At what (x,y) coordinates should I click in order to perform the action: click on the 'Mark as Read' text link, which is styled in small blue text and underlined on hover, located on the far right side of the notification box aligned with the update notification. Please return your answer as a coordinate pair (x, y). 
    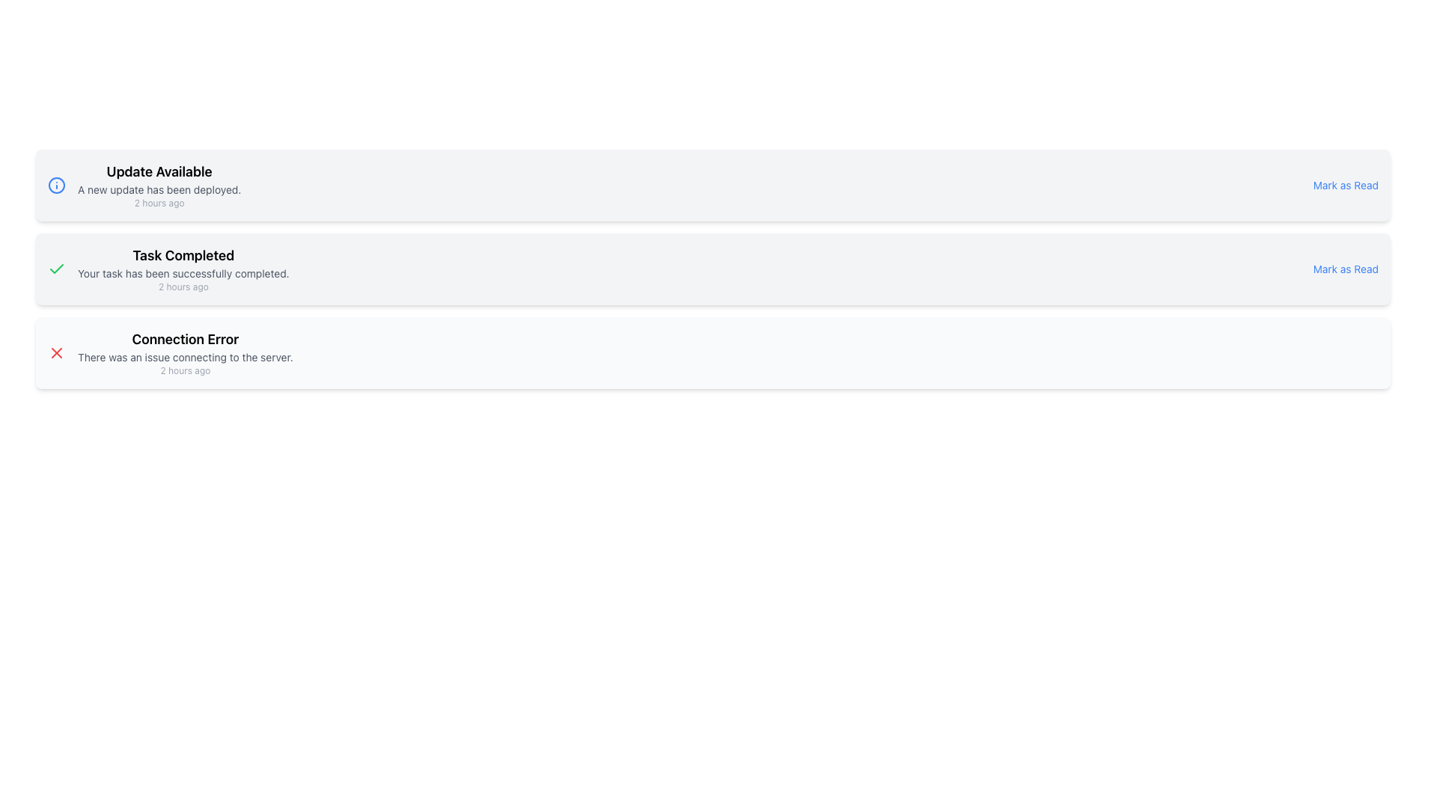
    Looking at the image, I should click on (1346, 184).